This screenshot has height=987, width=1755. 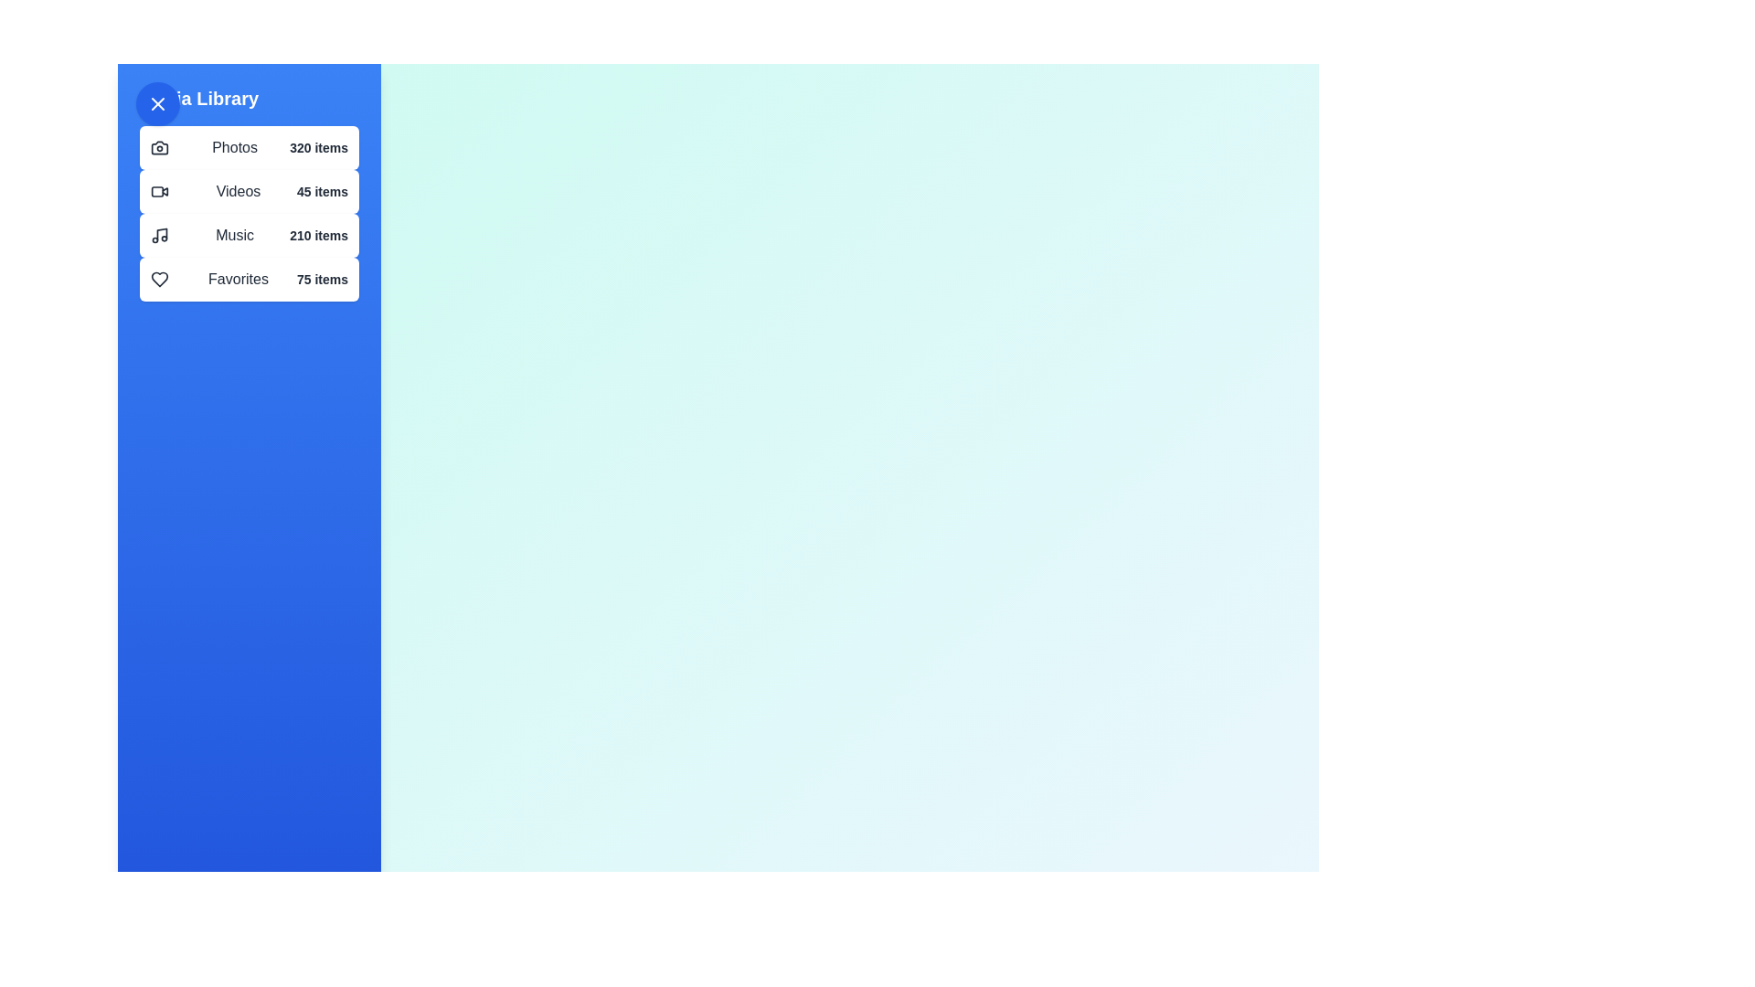 I want to click on the media category Favorites from the drawer, so click(x=249, y=279).